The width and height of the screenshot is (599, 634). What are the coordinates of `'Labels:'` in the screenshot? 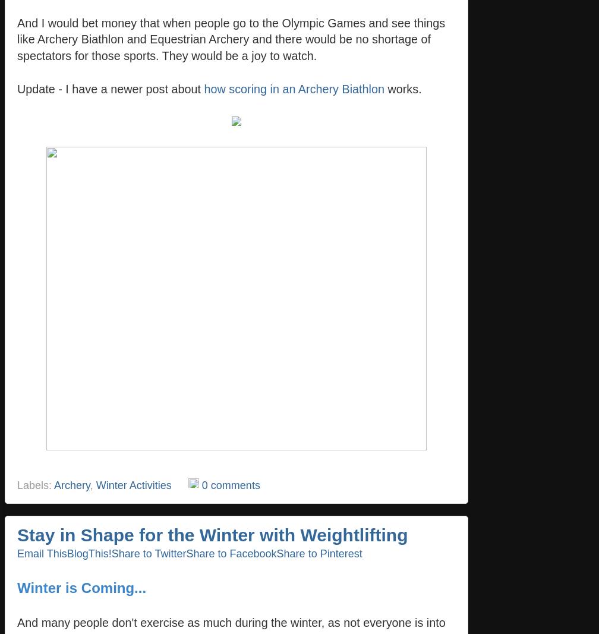 It's located at (35, 484).